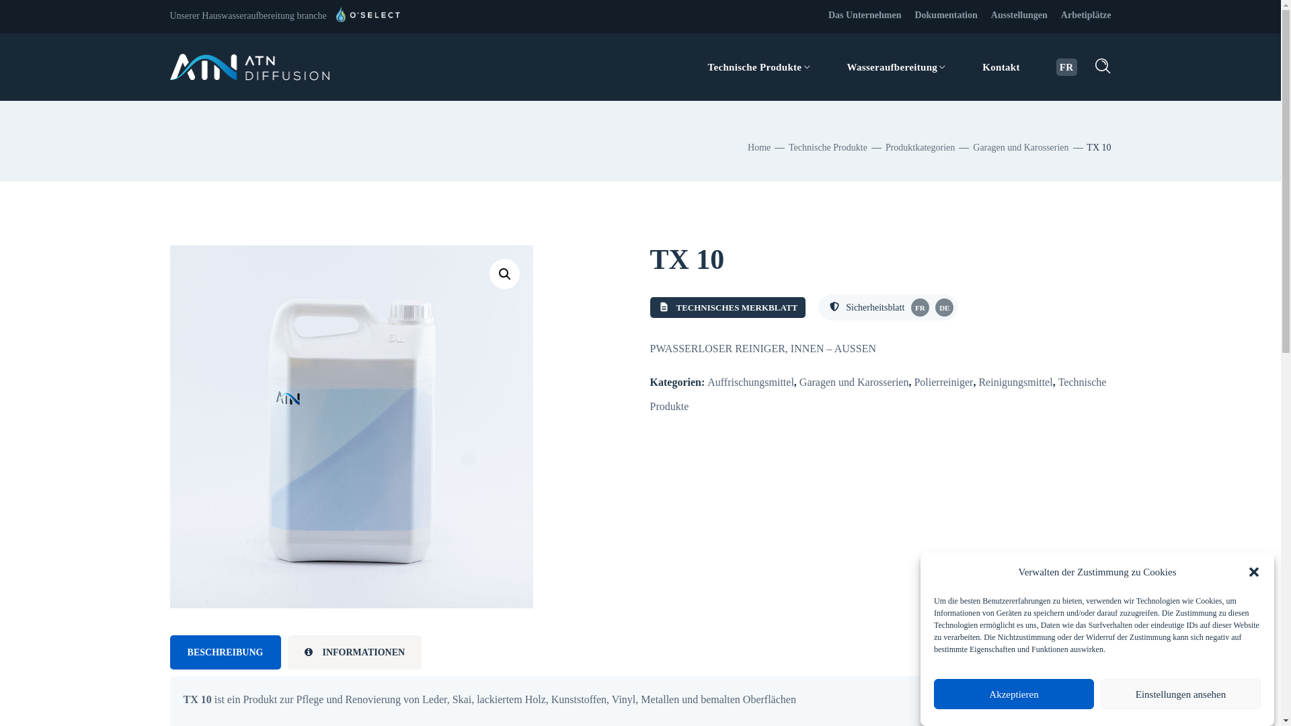 Image resolution: width=1291 pixels, height=726 pixels. I want to click on 'Kontakt', so click(1001, 67).